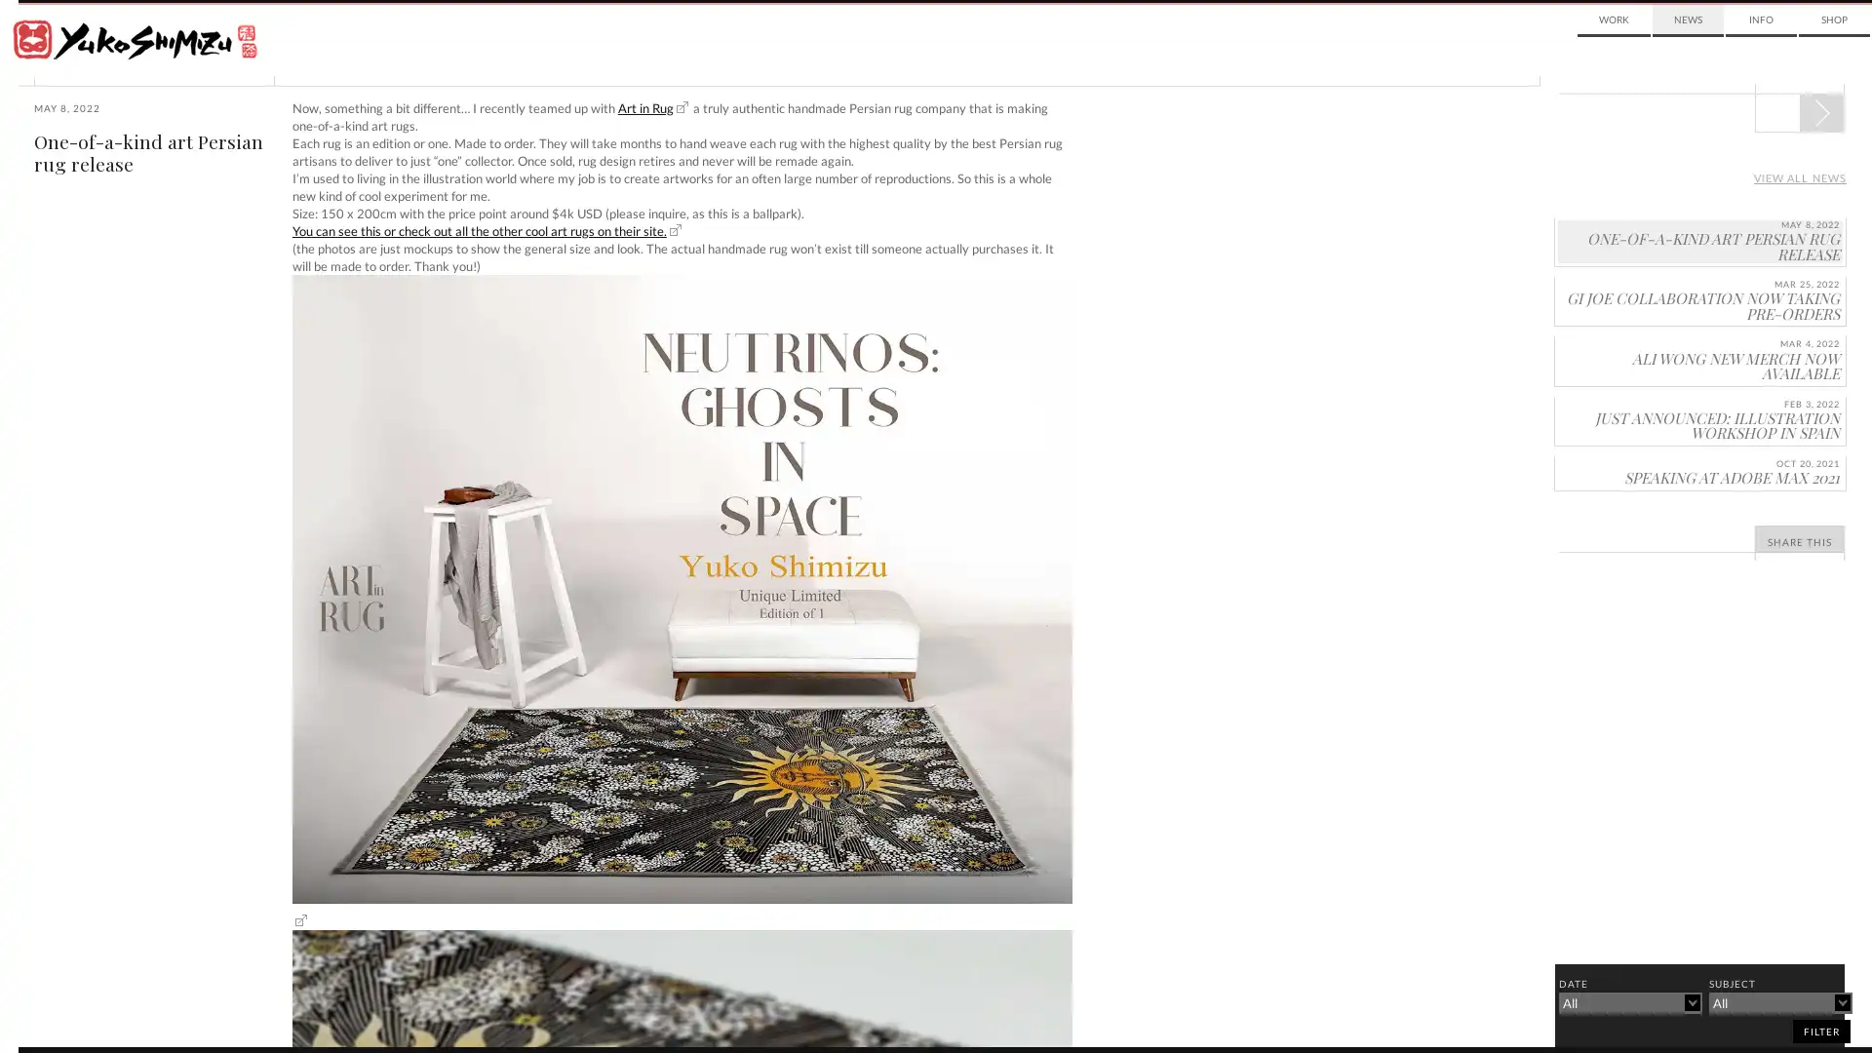 The width and height of the screenshot is (1872, 1053). I want to click on filter, so click(1820, 1029).